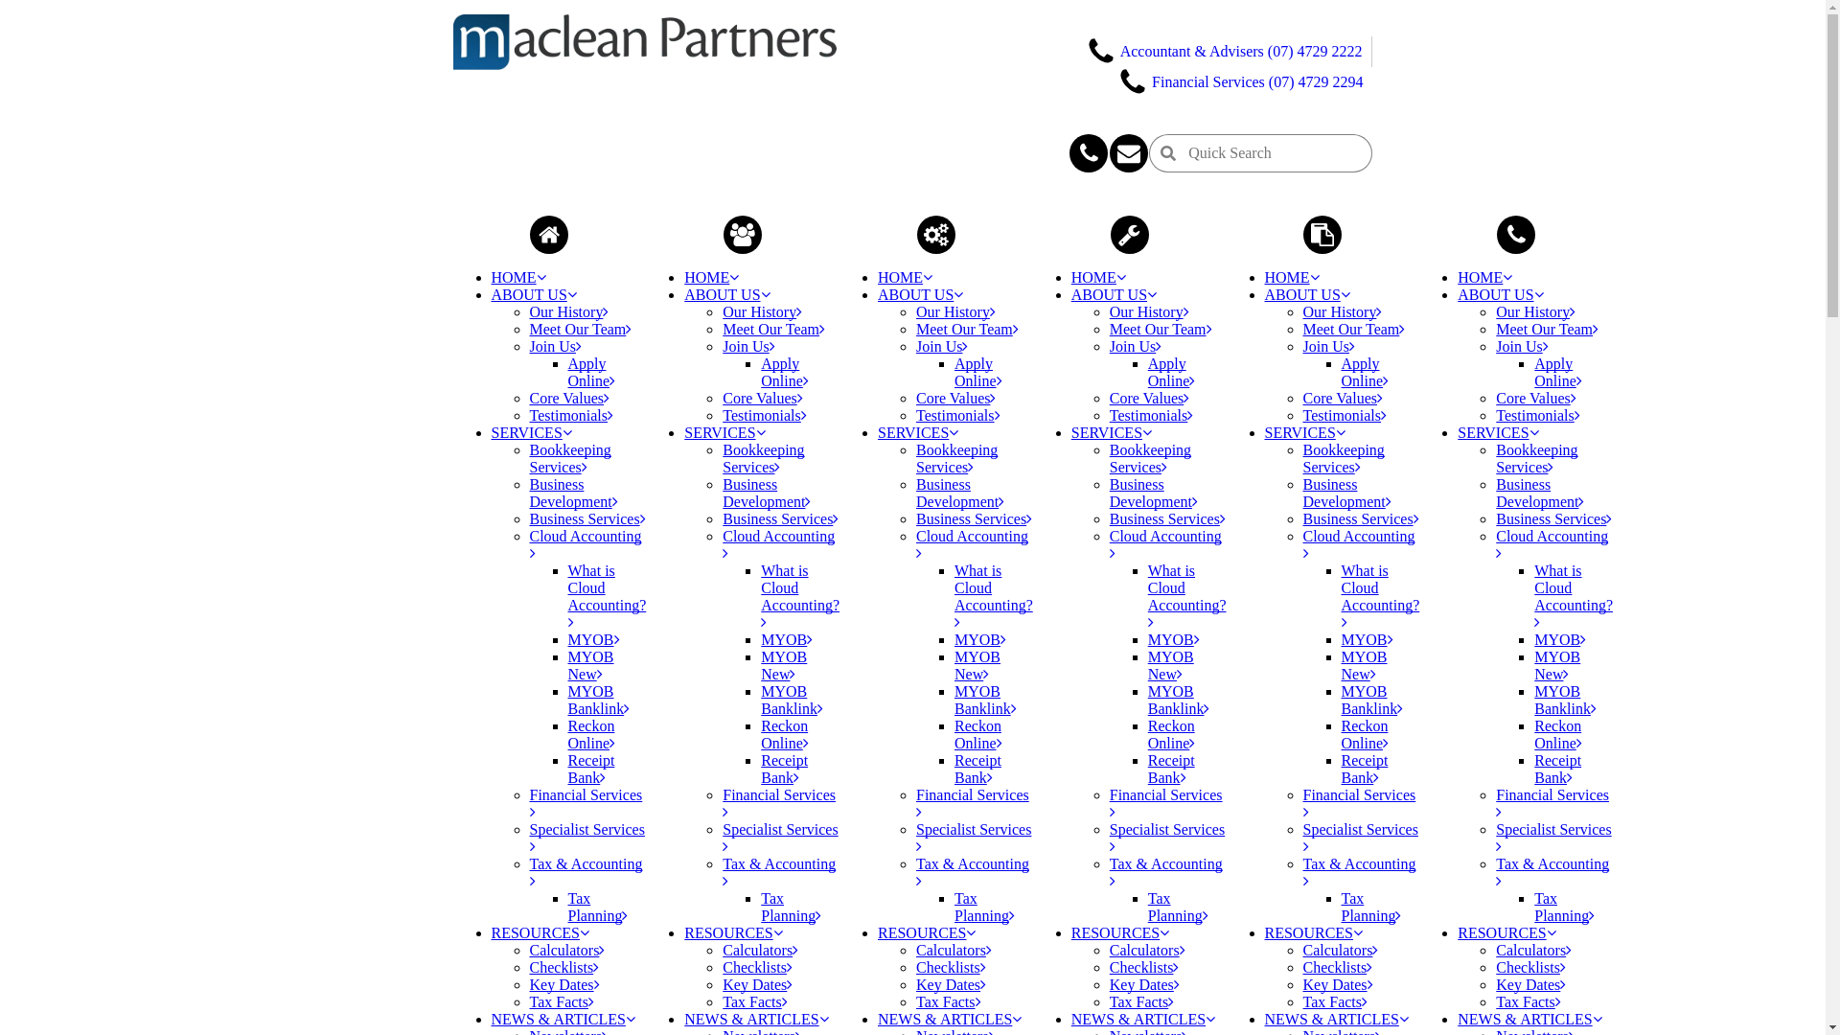 The height and width of the screenshot is (1035, 1840). Describe the element at coordinates (721, 950) in the screenshot. I see `'Calculators'` at that location.